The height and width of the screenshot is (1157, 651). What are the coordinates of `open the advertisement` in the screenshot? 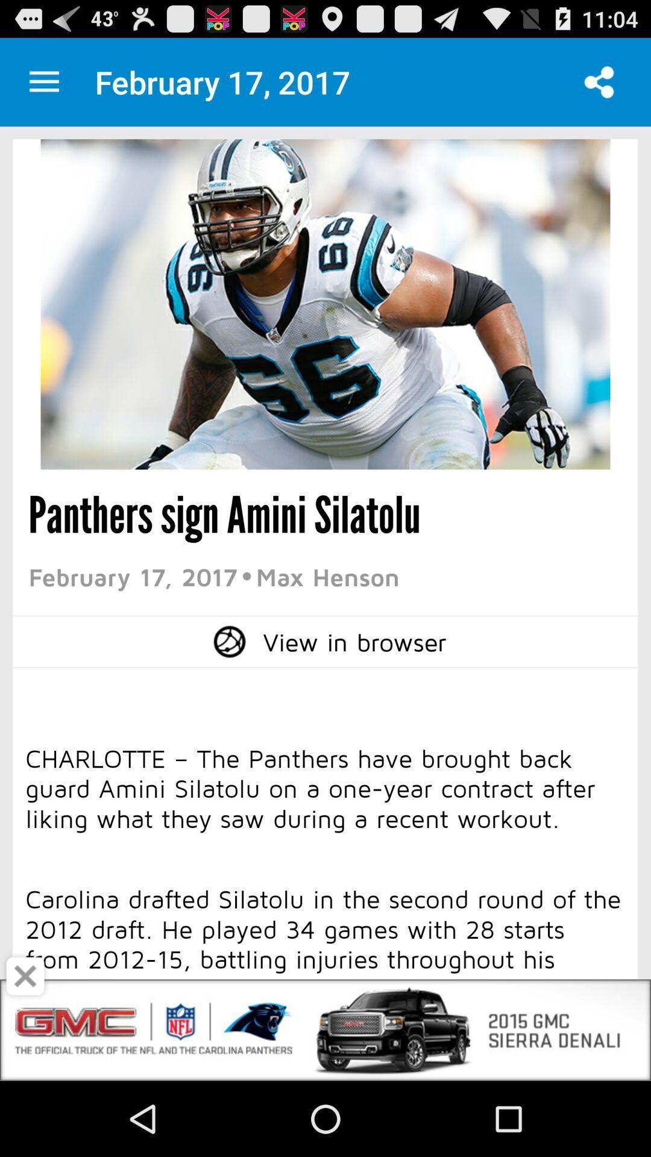 It's located at (325, 1029).